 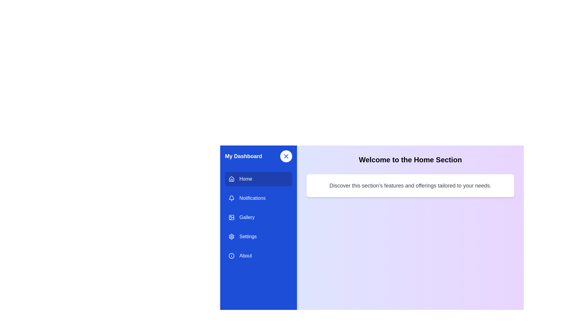 What do you see at coordinates (259, 256) in the screenshot?
I see `the menu item labeled About to navigate to its section` at bounding box center [259, 256].